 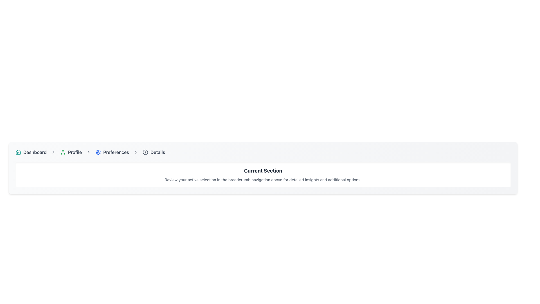 What do you see at coordinates (145, 152) in the screenshot?
I see `the SVG circle representing the information icon in the details section of the breadcrumb navigation` at bounding box center [145, 152].